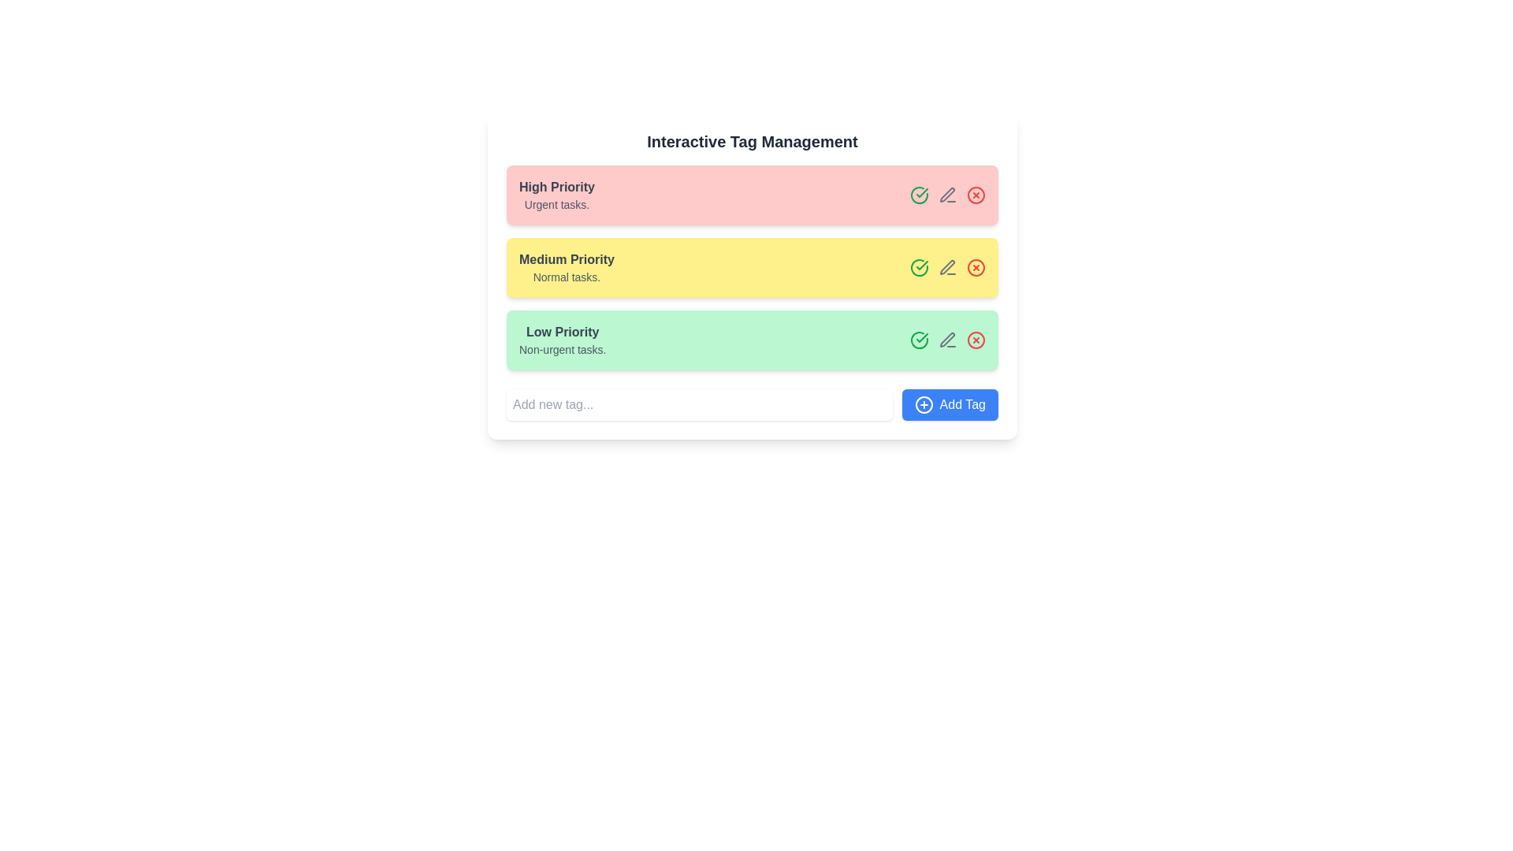 The image size is (1513, 851). I want to click on the leftmost icon in the 'Low Priority' row, so click(919, 340).